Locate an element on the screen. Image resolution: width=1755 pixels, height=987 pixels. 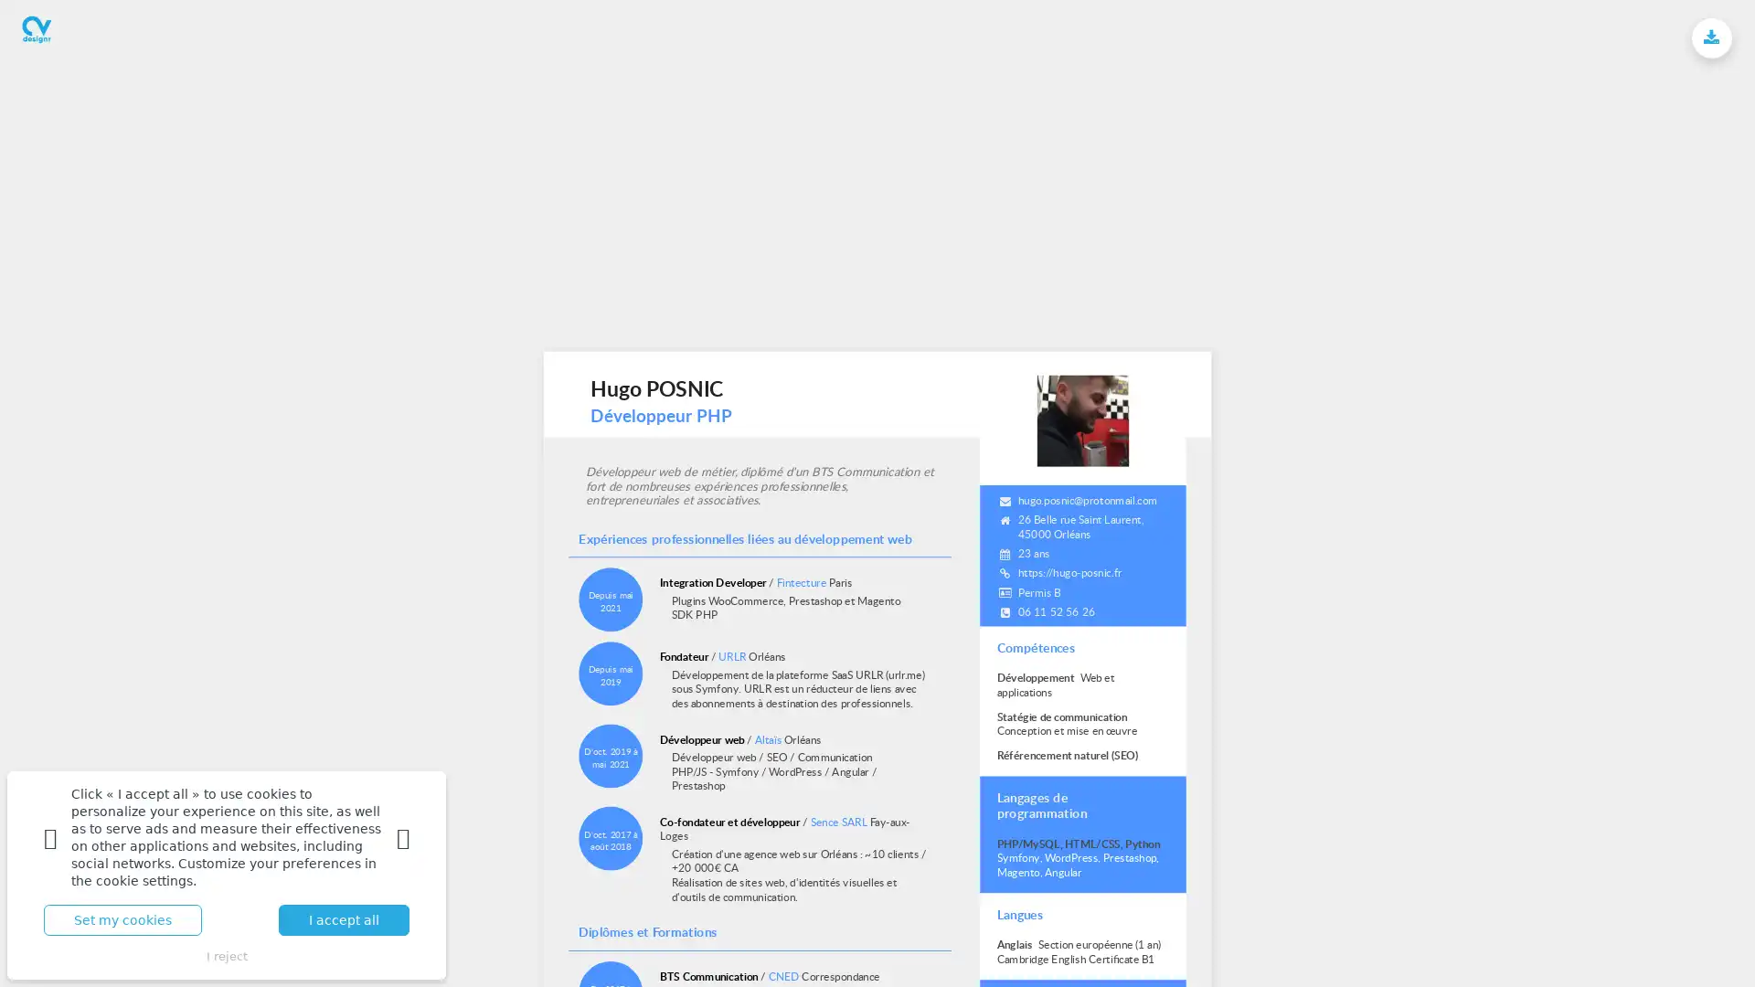
I accept all is located at coordinates (344, 919).